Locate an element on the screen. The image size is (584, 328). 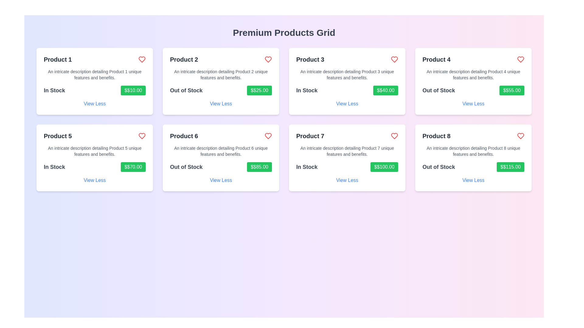
the text label indicating product availability status in the sixth product card from the left is located at coordinates (186, 167).